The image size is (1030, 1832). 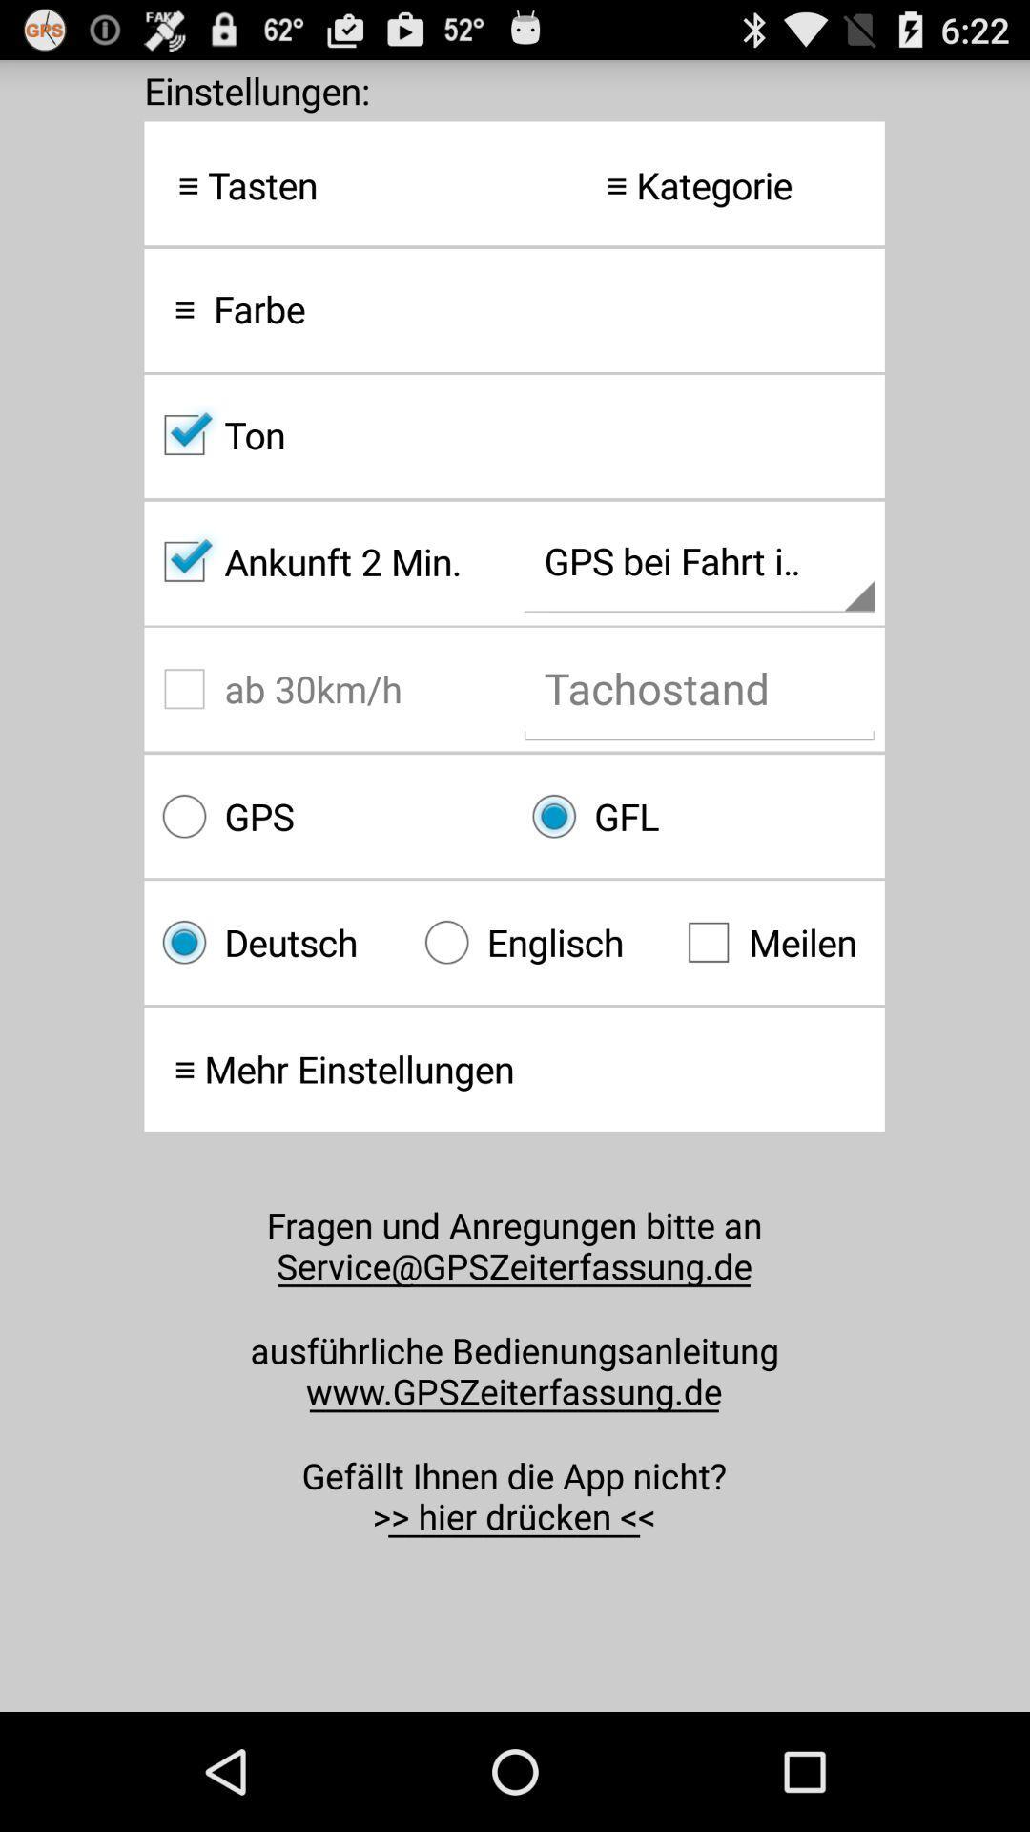 I want to click on radio button to the right of deutsch item, so click(x=538, y=942).